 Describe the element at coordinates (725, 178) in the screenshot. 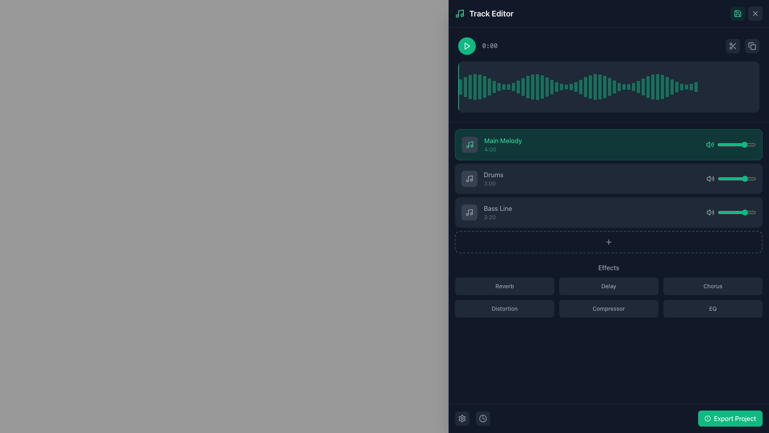

I see `the volume slider` at that location.